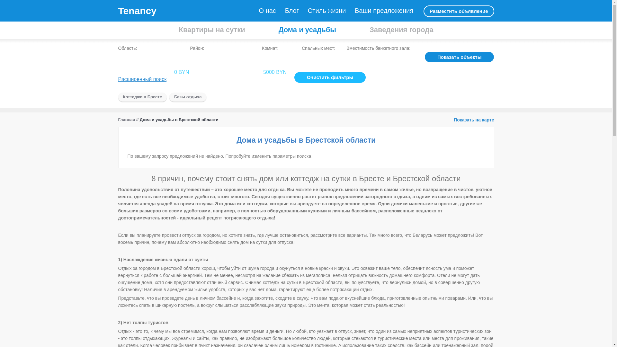  I want to click on 'Tenancy', so click(137, 11).